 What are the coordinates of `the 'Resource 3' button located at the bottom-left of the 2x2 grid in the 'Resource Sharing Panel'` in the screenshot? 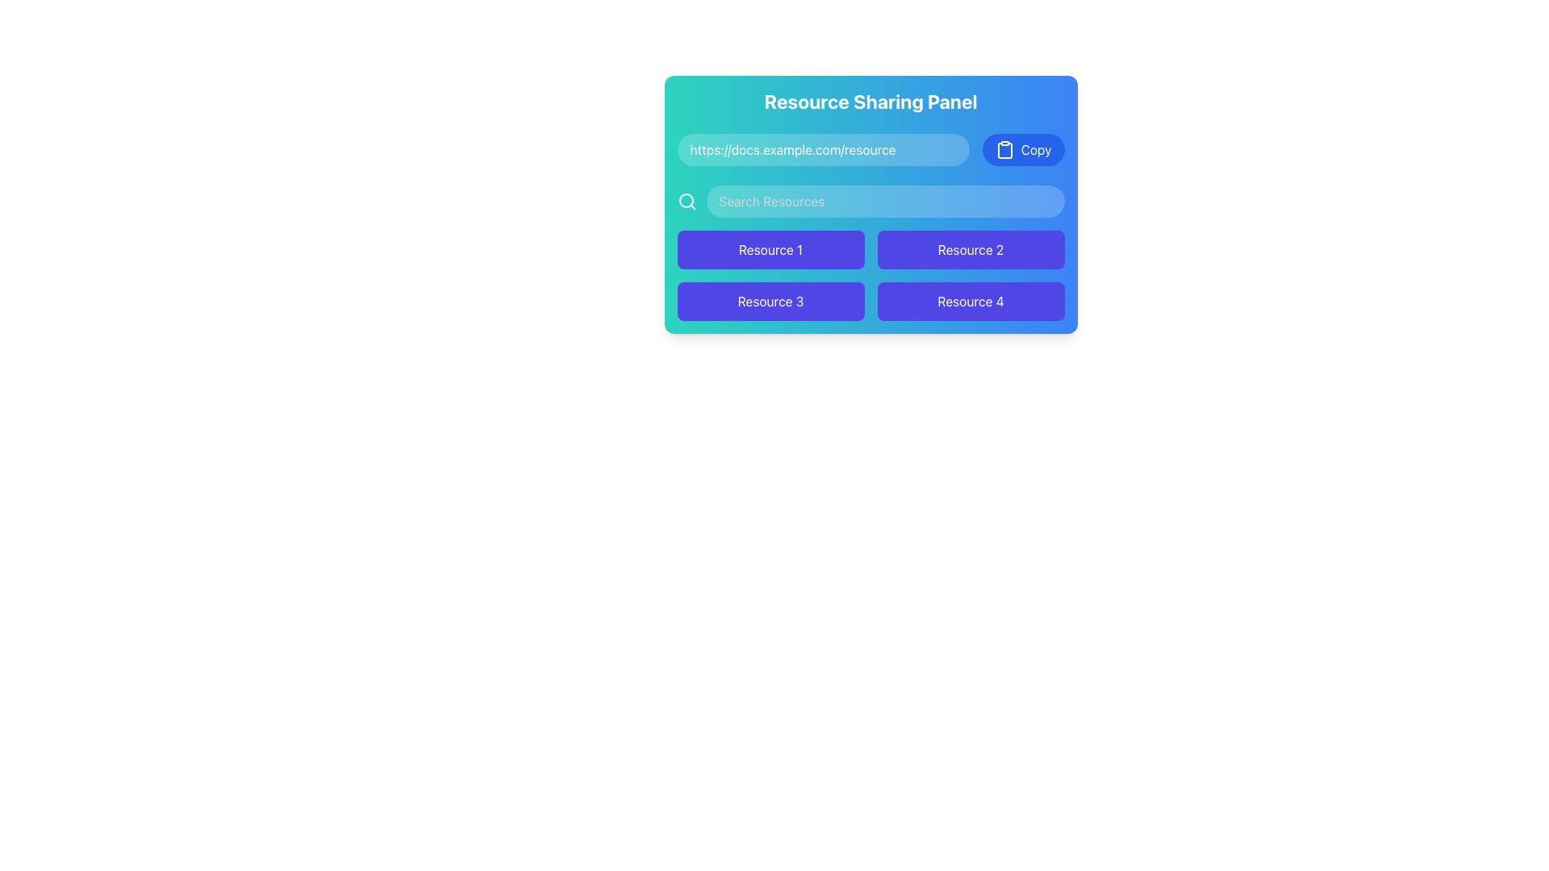 It's located at (770, 302).